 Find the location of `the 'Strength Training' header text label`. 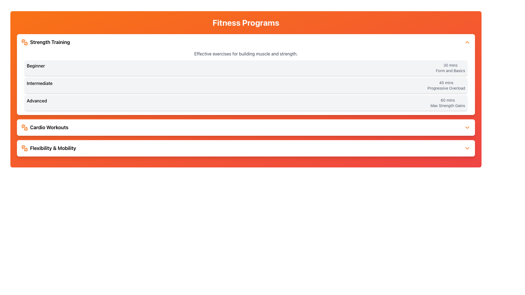

the 'Strength Training' header text label is located at coordinates (50, 42).